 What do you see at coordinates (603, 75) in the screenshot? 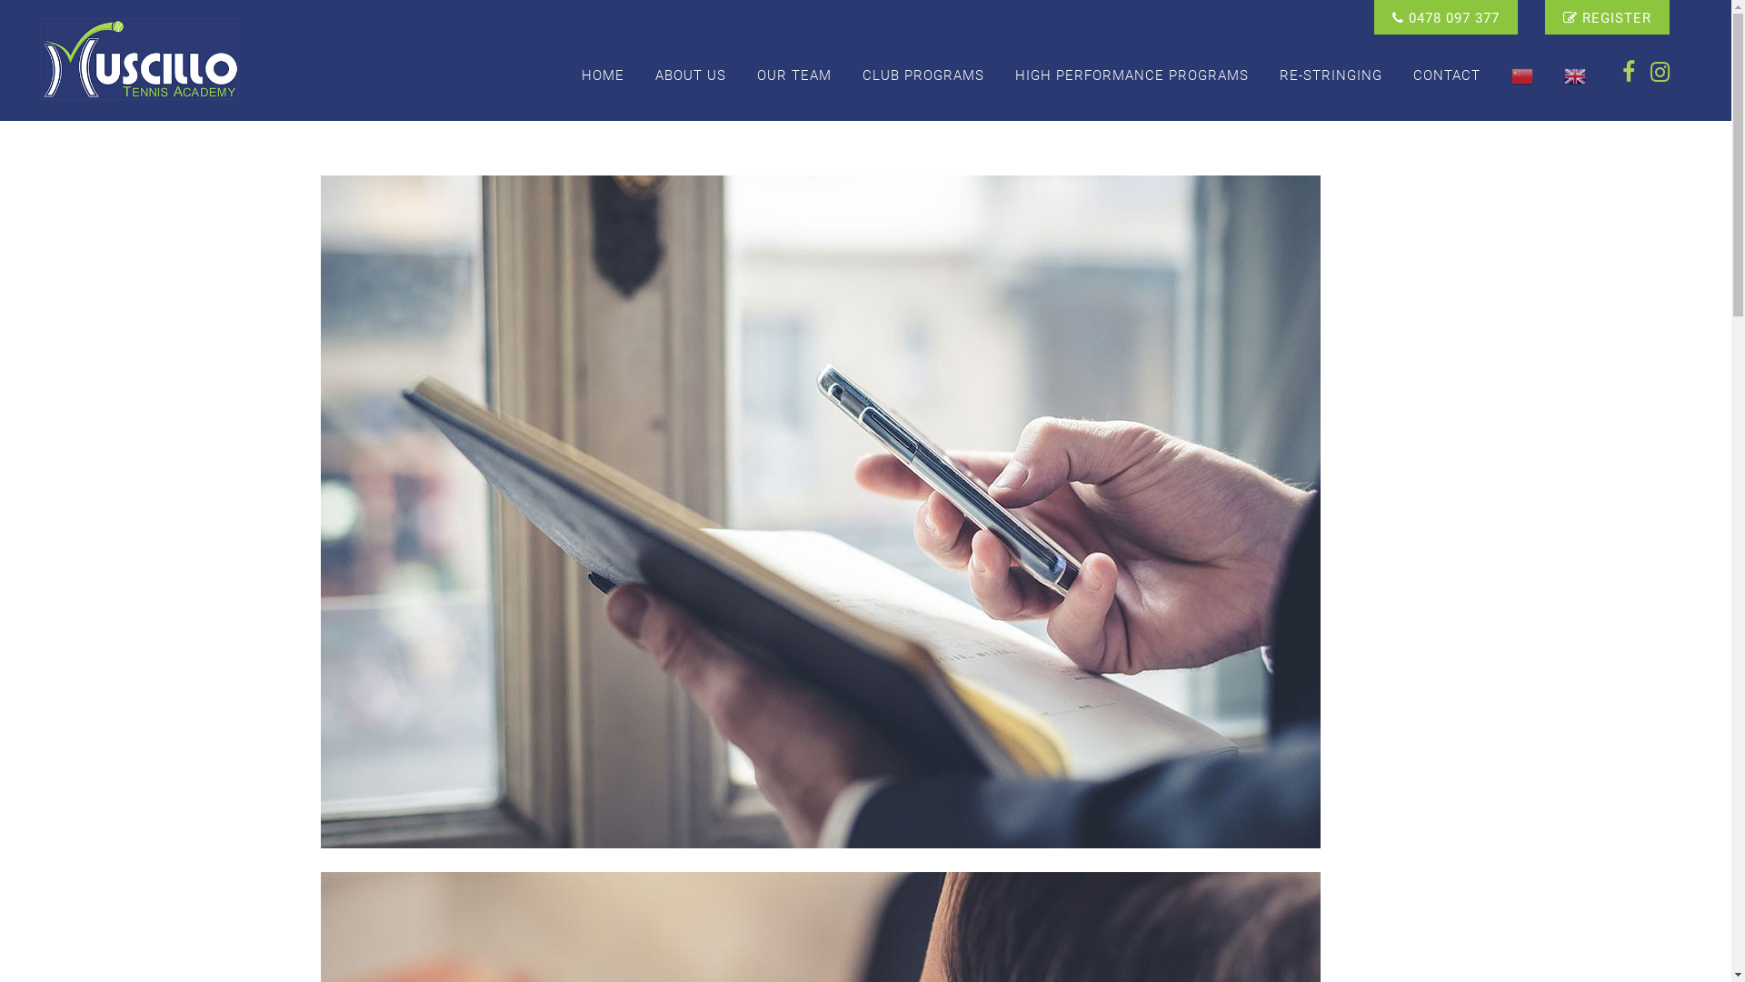
I see `'HOME'` at bounding box center [603, 75].